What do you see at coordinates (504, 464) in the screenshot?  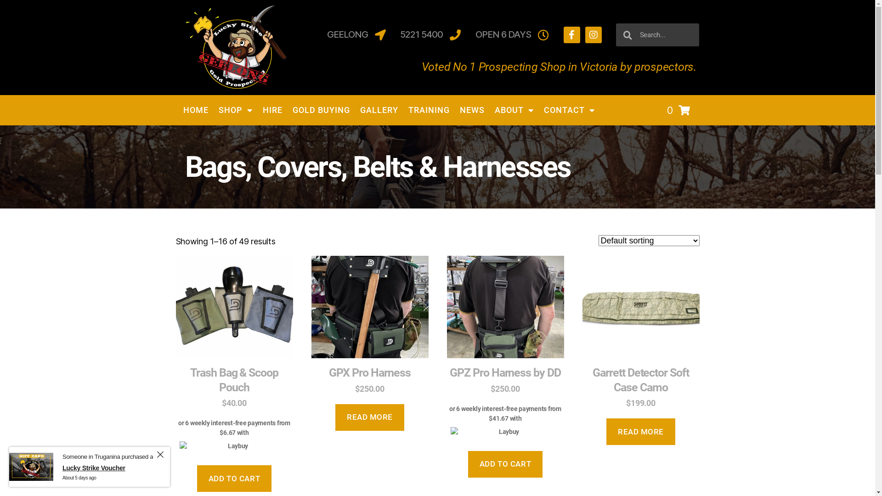 I see `'ADD TO CART'` at bounding box center [504, 464].